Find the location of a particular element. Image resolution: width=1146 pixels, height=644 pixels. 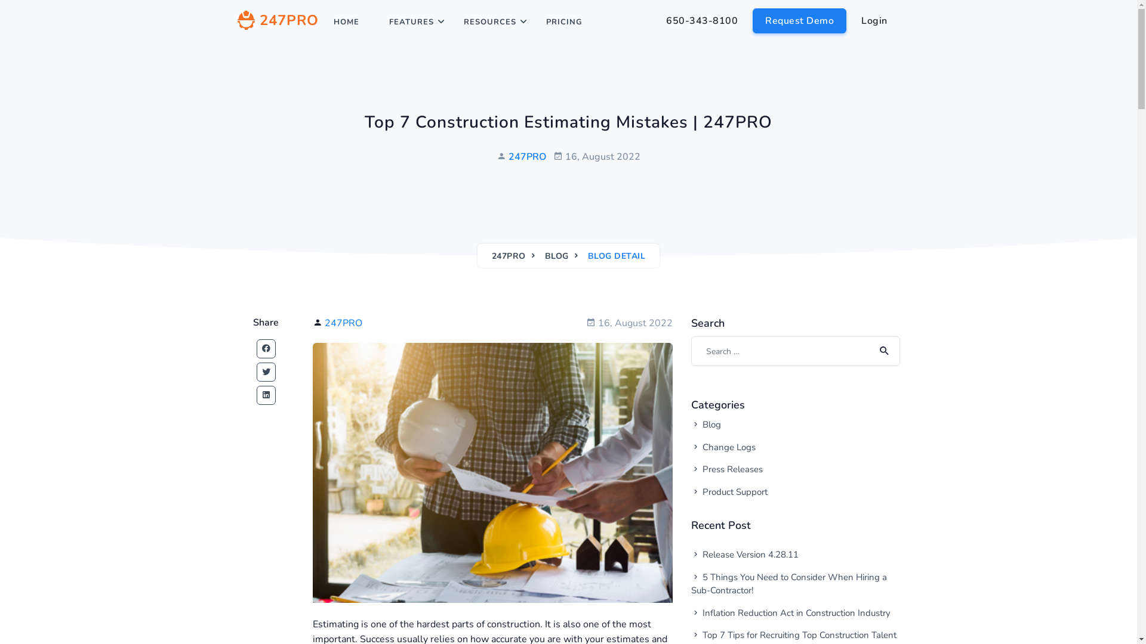

'RESOURCES' is located at coordinates (489, 22).